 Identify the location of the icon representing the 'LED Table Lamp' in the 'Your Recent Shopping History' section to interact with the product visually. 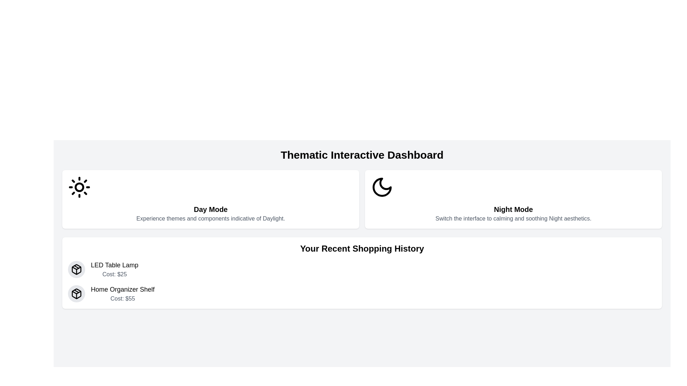
(77, 269).